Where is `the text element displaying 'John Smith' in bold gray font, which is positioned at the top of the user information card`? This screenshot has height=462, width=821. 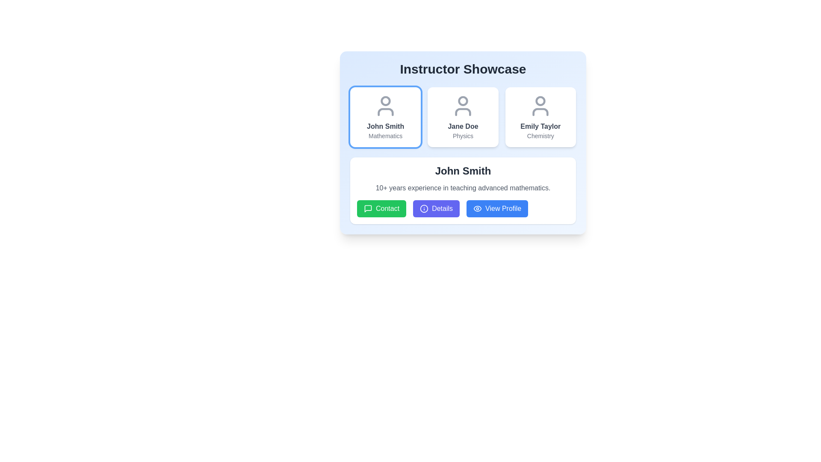
the text element displaying 'John Smith' in bold gray font, which is positioned at the top of the user information card is located at coordinates (385, 127).